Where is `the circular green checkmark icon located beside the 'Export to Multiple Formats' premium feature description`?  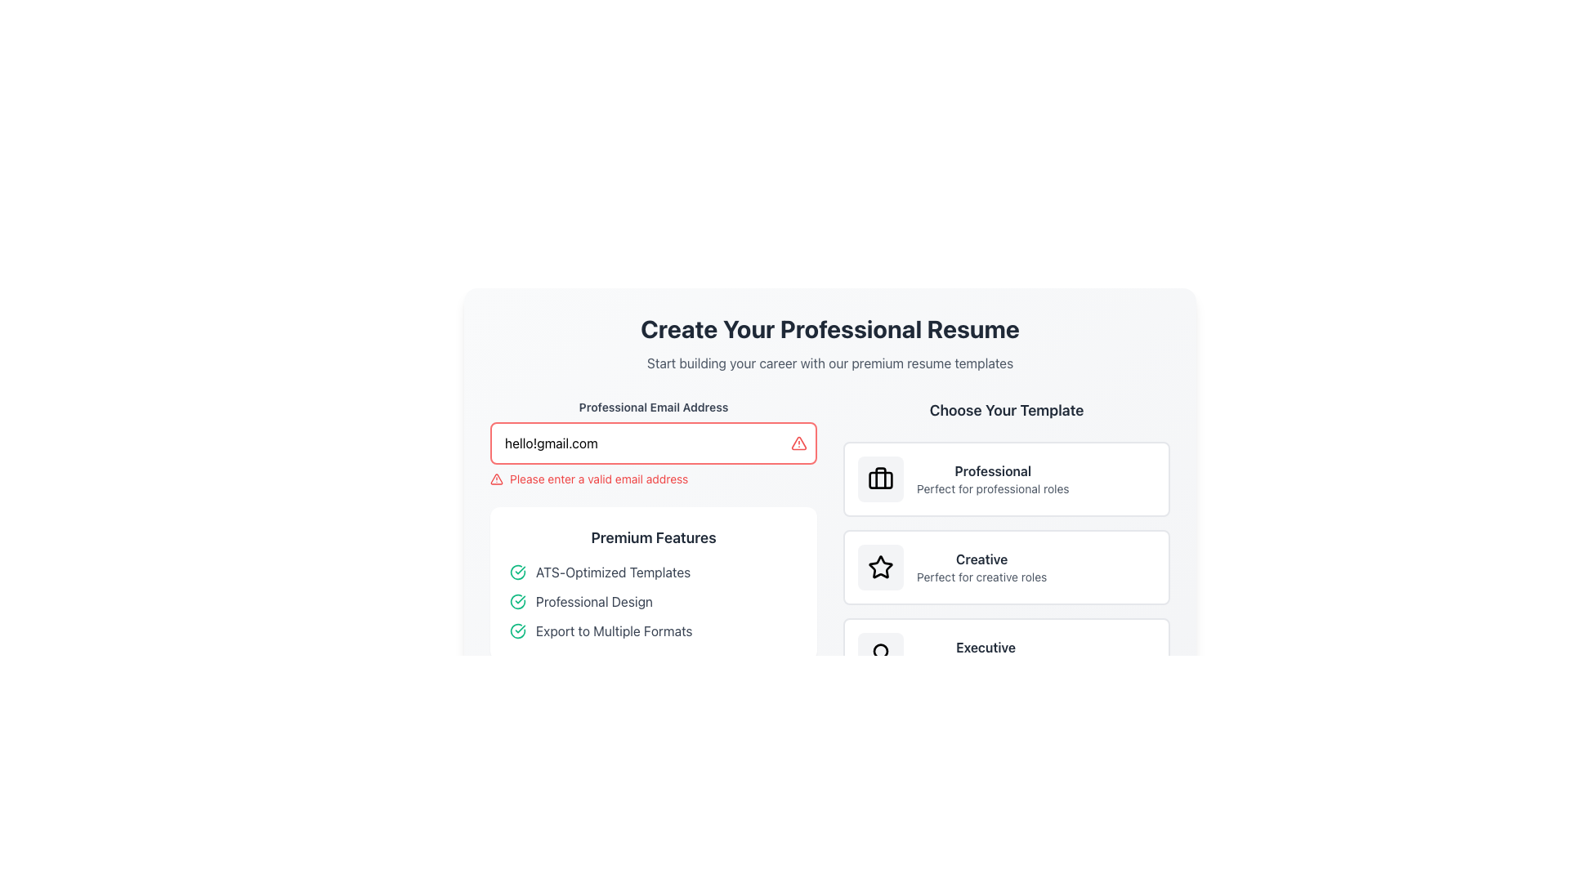 the circular green checkmark icon located beside the 'Export to Multiple Formats' premium feature description is located at coordinates (516, 630).